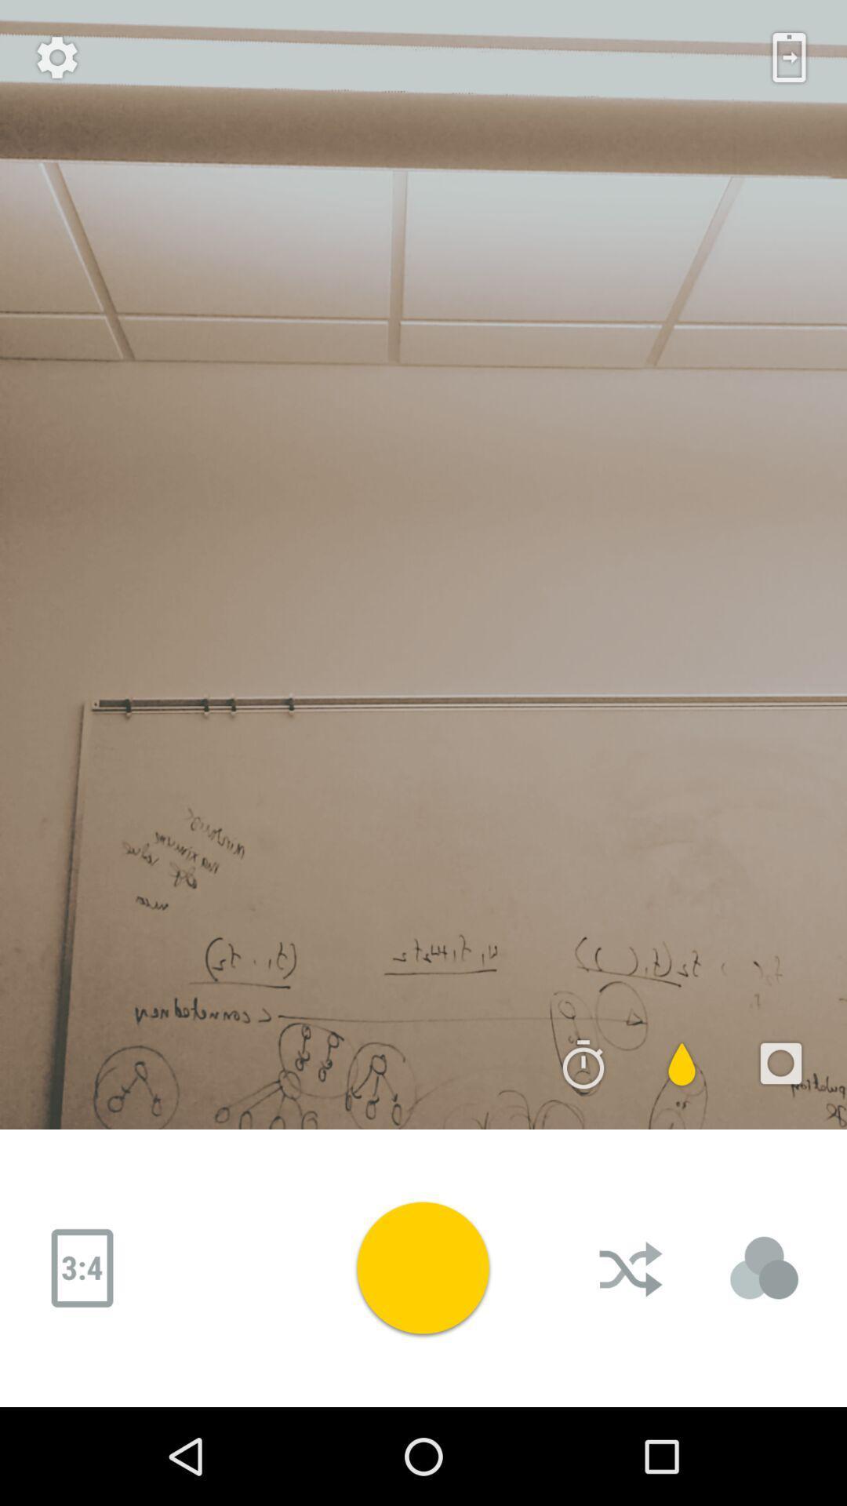  What do you see at coordinates (631, 1268) in the screenshot?
I see `change order top to bottom` at bounding box center [631, 1268].